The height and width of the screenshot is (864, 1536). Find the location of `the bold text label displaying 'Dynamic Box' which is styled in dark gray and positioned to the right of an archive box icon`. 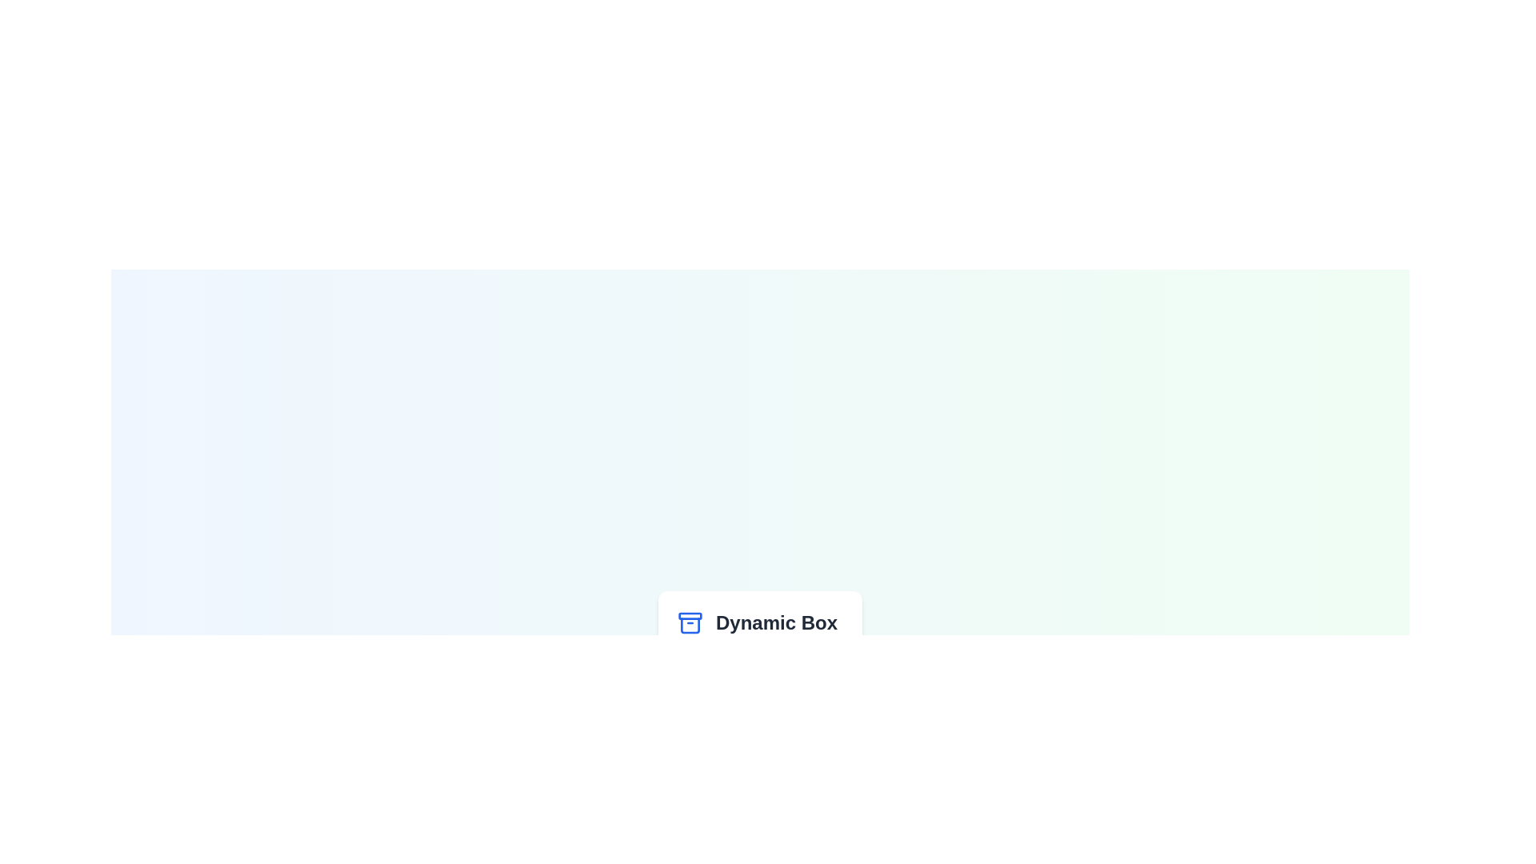

the bold text label displaying 'Dynamic Box' which is styled in dark gray and positioned to the right of an archive box icon is located at coordinates (776, 622).